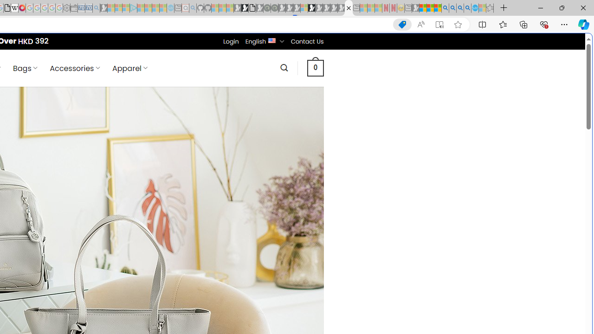 The image size is (594, 334). Describe the element at coordinates (315, 67) in the screenshot. I see `'  0  '` at that location.